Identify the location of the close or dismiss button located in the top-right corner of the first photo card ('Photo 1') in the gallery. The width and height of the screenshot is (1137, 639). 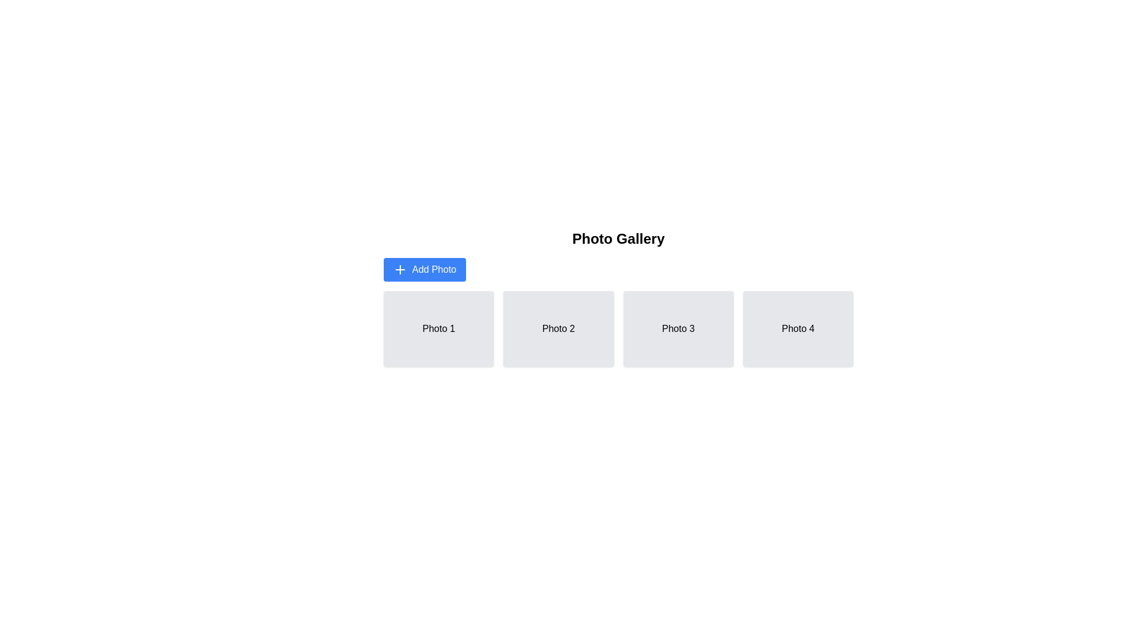
(484, 300).